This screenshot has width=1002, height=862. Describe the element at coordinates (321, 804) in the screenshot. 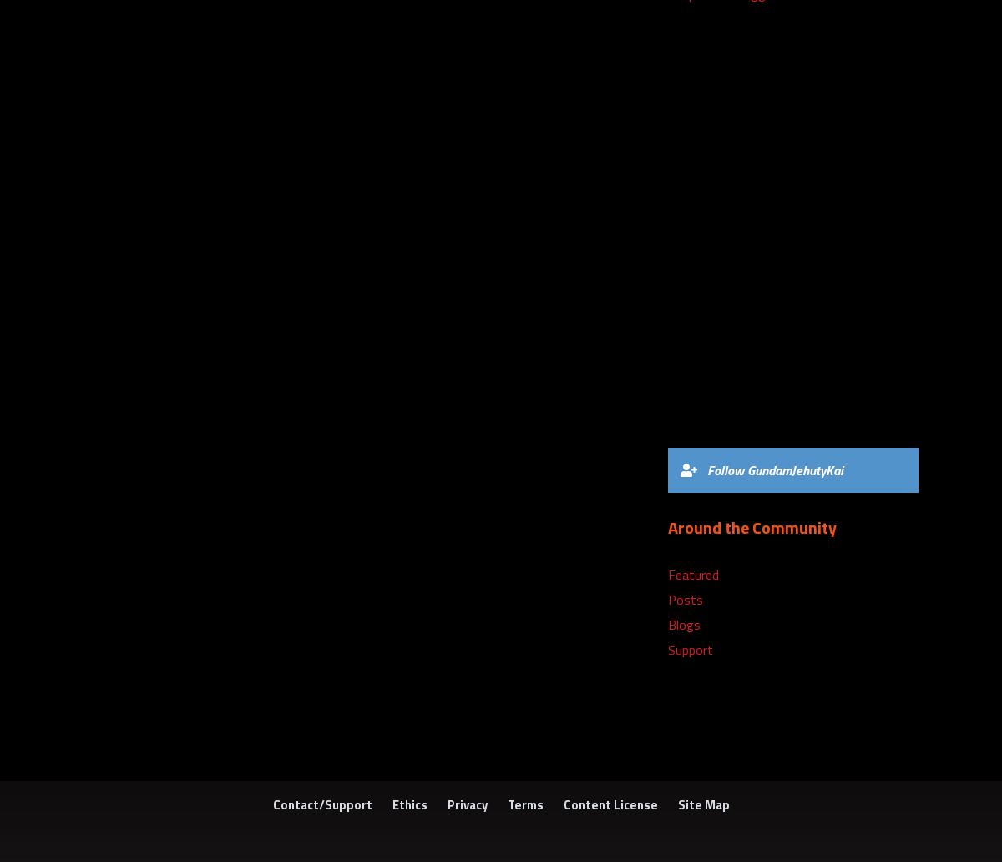

I see `'Contact/Support'` at that location.